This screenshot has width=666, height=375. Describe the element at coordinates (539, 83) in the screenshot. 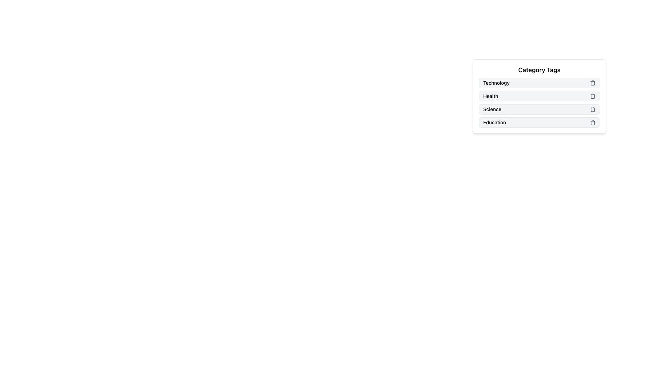

I see `the category tag labeled 'Technology' which is the first item in the 'Category Tags' list` at that location.